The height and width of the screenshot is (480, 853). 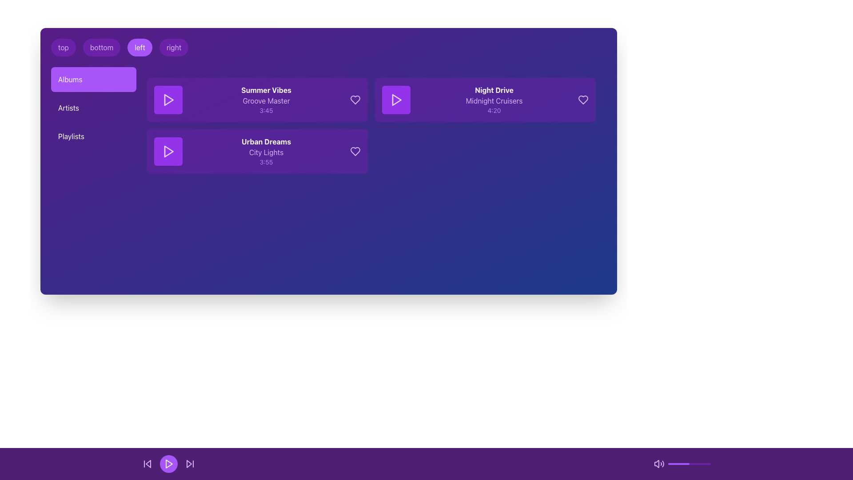 I want to click on the volume adjustment icon located at the center of the bottom bar of the media player interface, so click(x=659, y=464).